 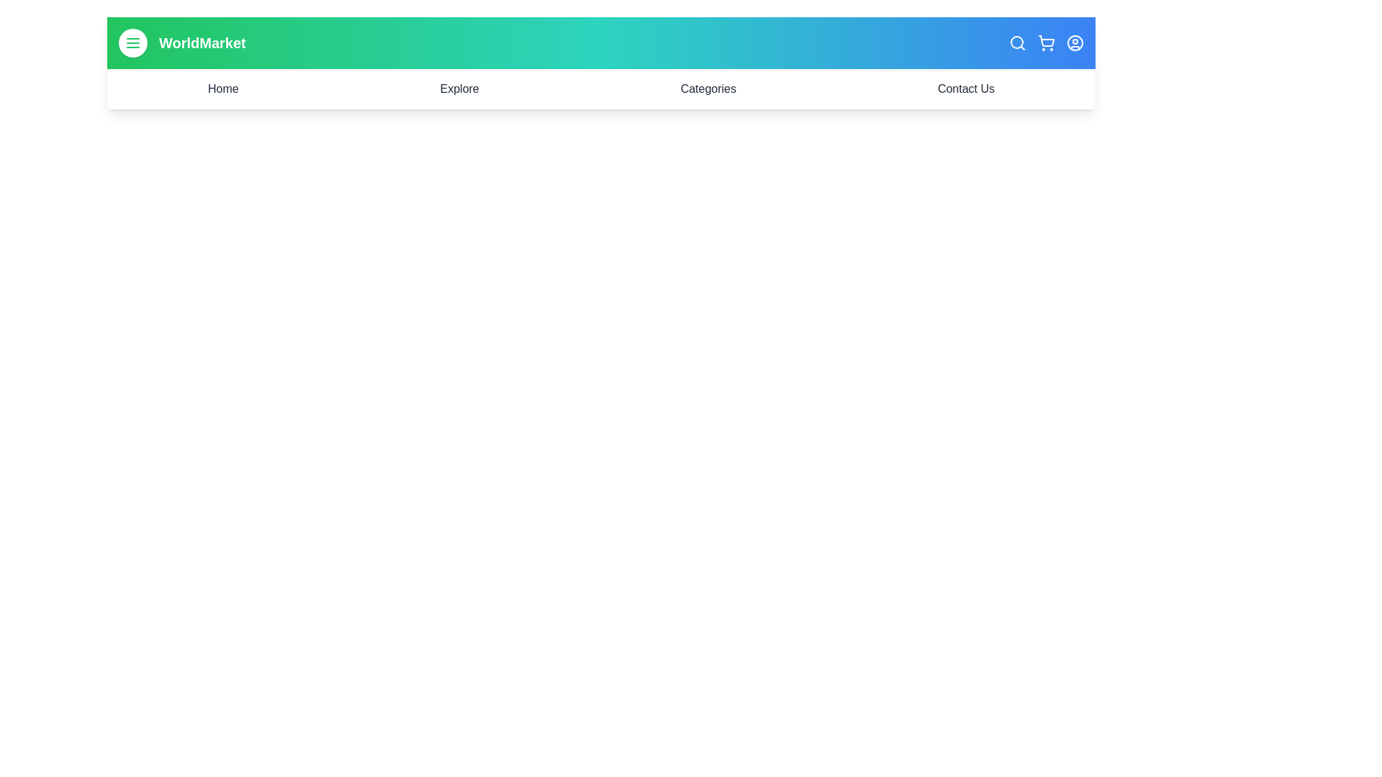 I want to click on the 'Explore' link, so click(x=459, y=88).